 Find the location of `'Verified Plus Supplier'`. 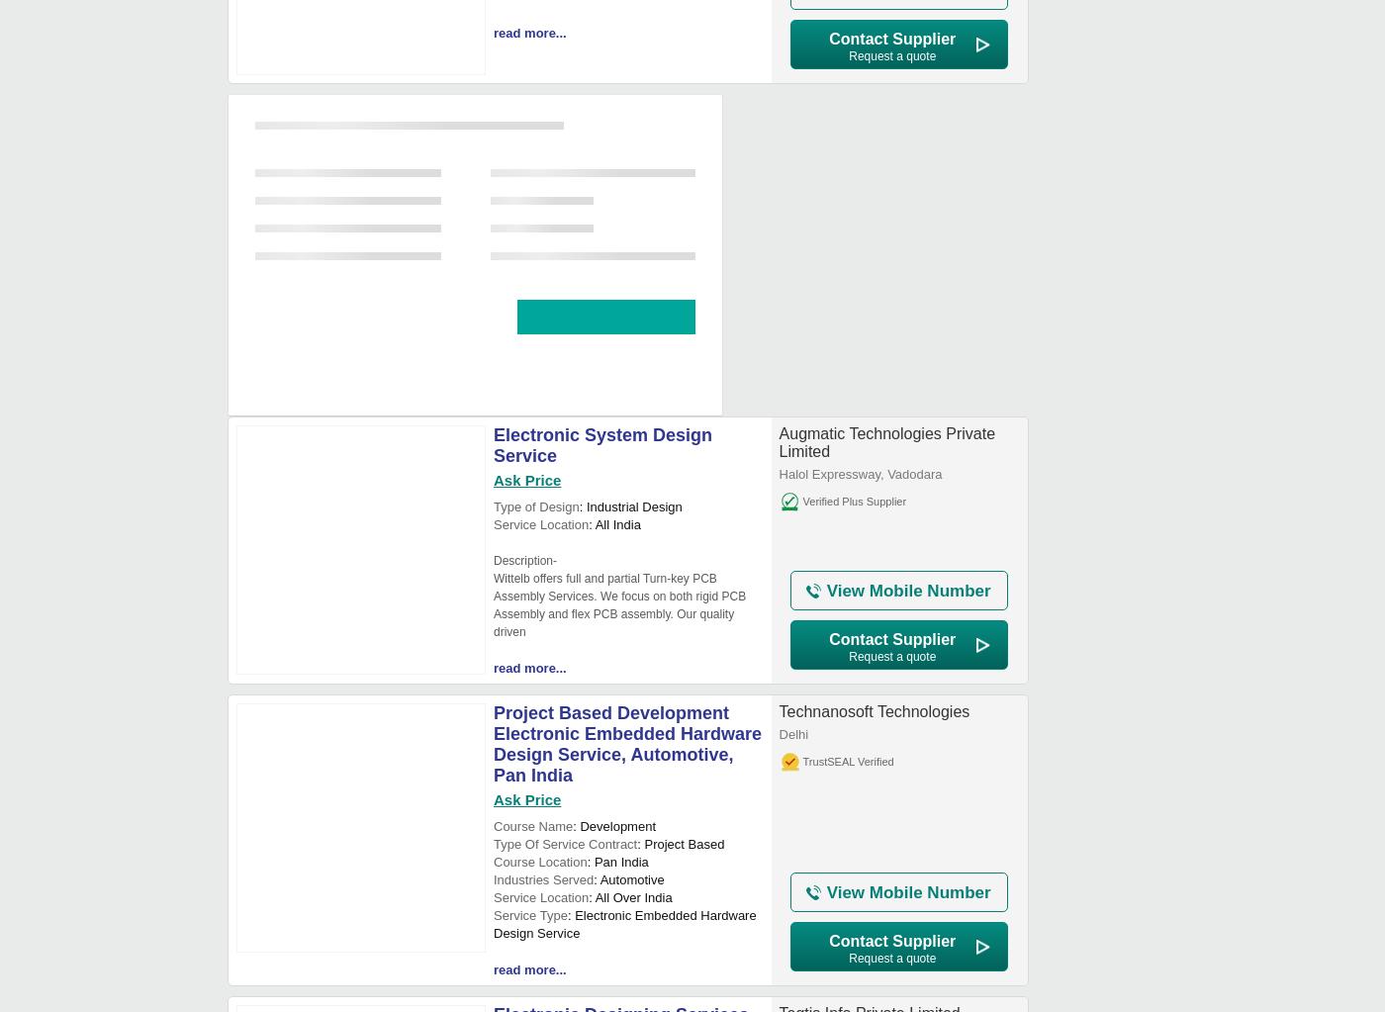

'Verified Plus Supplier' is located at coordinates (854, 501).